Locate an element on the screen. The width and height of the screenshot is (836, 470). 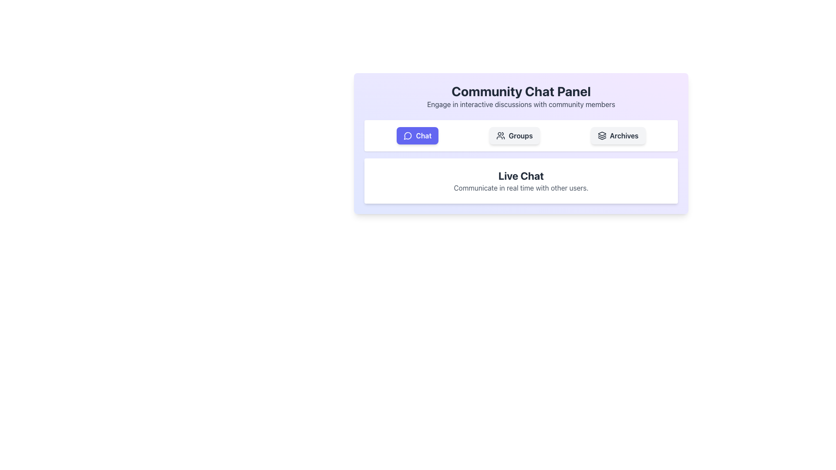
the Navigation menu is located at coordinates (521, 136).